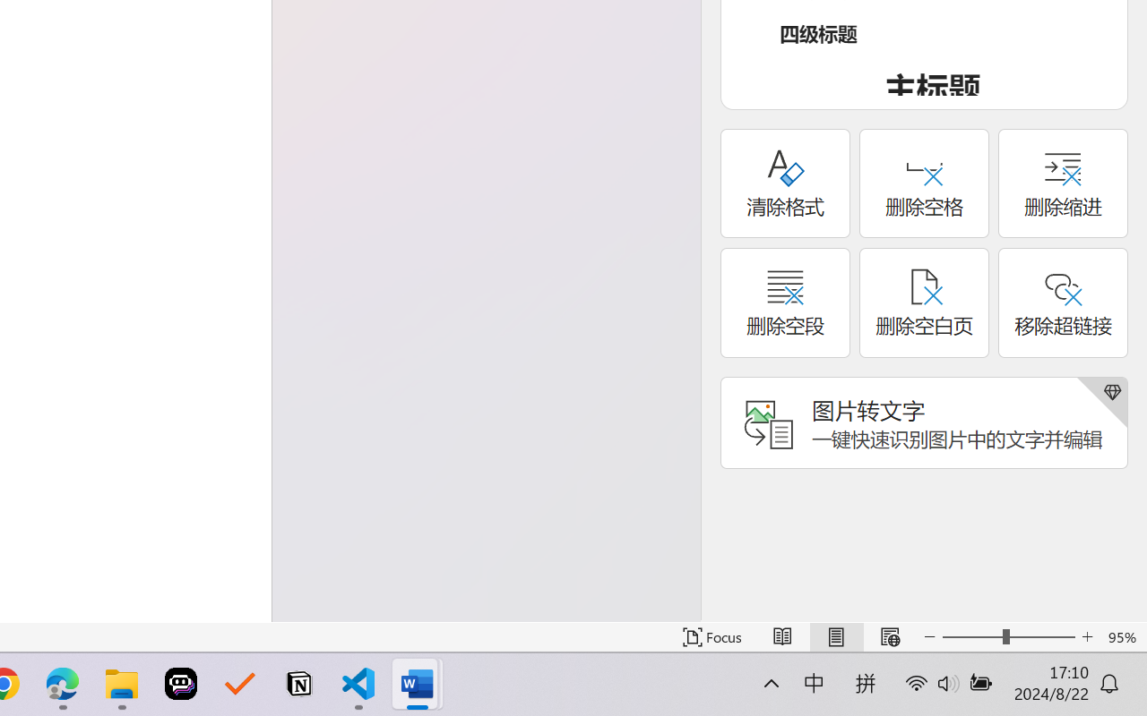  Describe the element at coordinates (1122, 636) in the screenshot. I see `'Zoom 95%'` at that location.